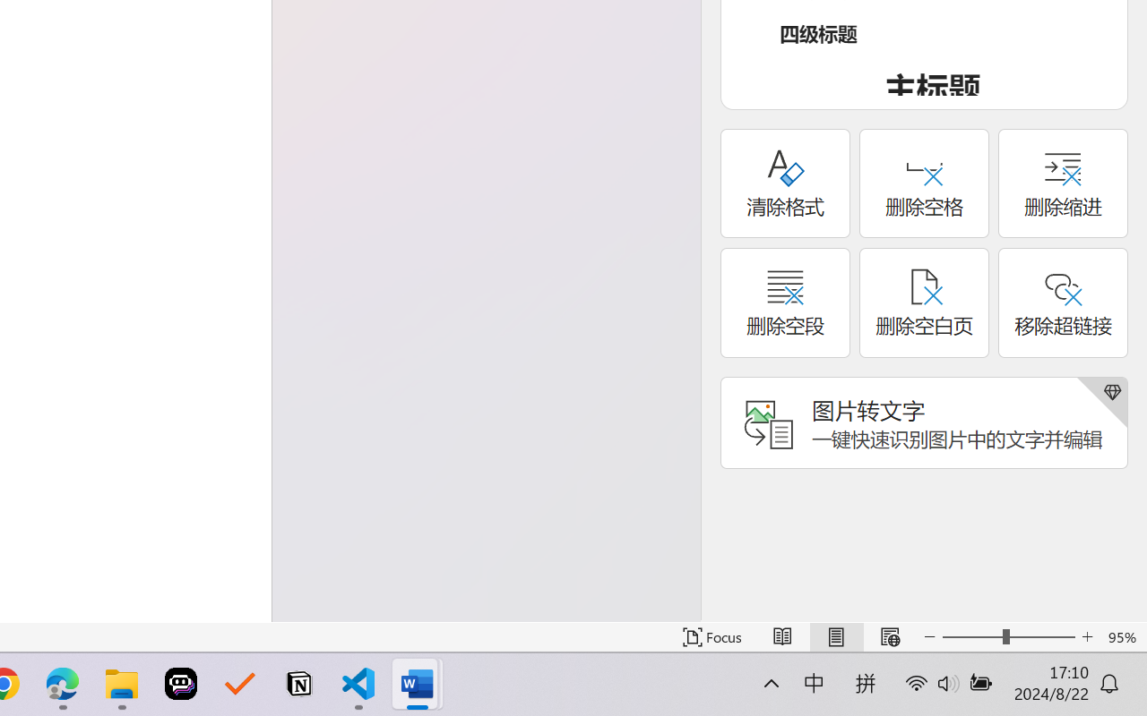  Describe the element at coordinates (1122, 636) in the screenshot. I see `'Zoom 95%'` at that location.